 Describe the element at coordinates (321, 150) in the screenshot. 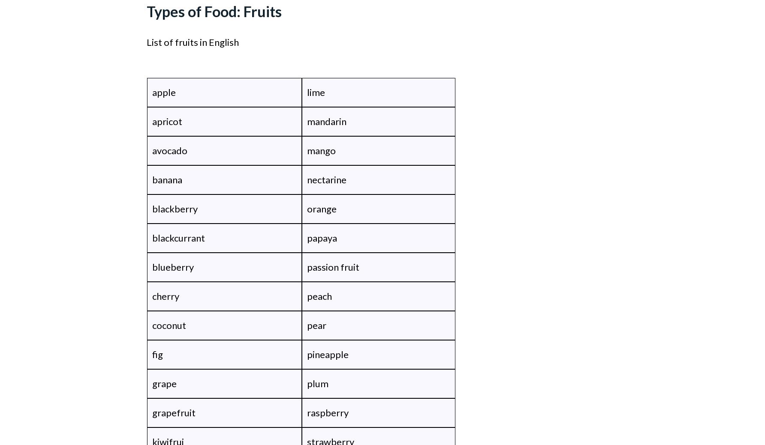

I see `'mango'` at that location.